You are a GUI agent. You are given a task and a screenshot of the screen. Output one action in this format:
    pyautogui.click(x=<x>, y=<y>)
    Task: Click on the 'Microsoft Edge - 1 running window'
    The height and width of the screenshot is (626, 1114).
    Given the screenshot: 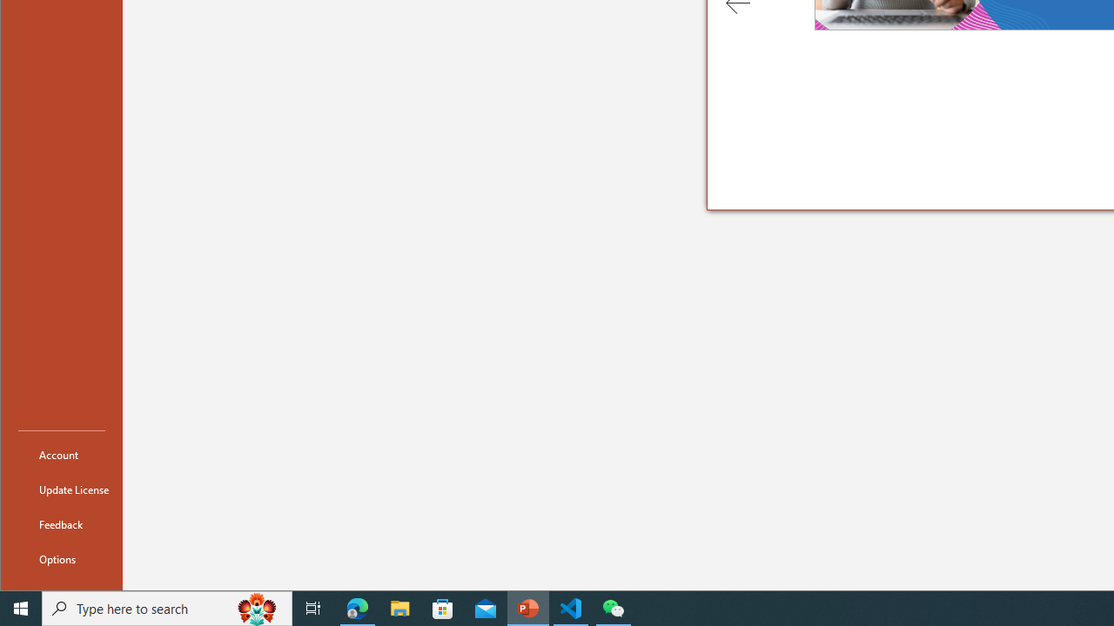 What is the action you would take?
    pyautogui.click(x=357, y=607)
    